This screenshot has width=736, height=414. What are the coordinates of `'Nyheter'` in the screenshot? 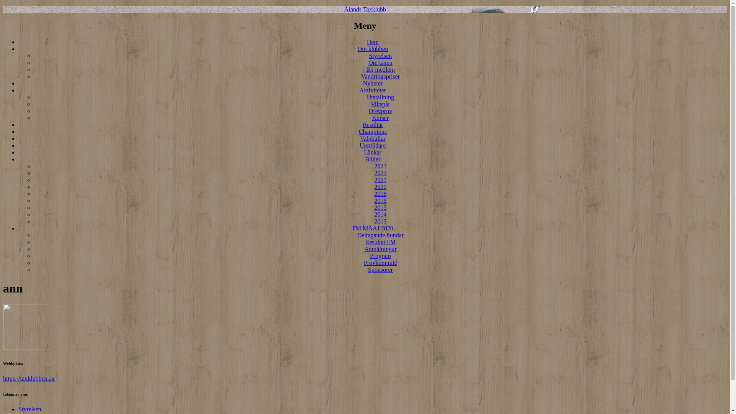 It's located at (373, 83).